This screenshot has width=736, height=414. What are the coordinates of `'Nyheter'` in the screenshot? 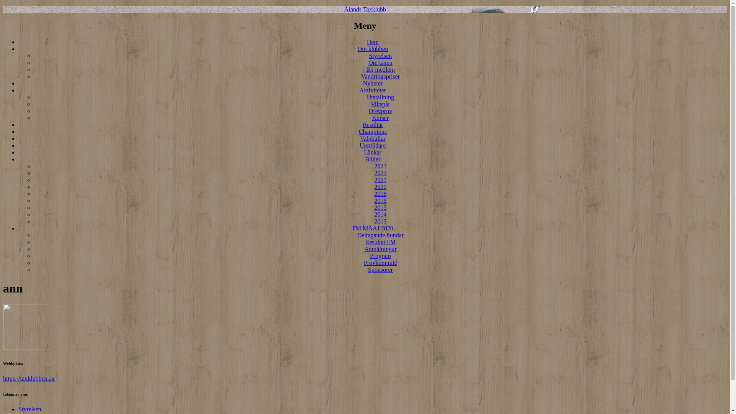 It's located at (373, 83).